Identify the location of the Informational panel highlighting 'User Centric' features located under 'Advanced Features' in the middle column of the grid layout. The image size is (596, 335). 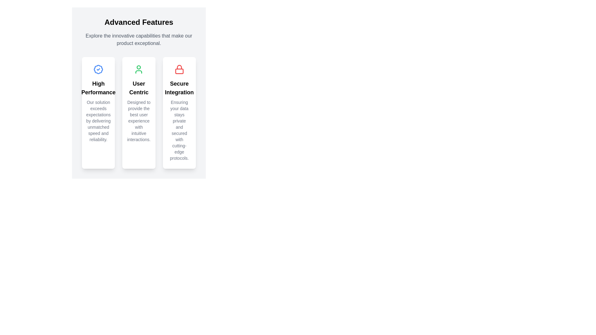
(138, 113).